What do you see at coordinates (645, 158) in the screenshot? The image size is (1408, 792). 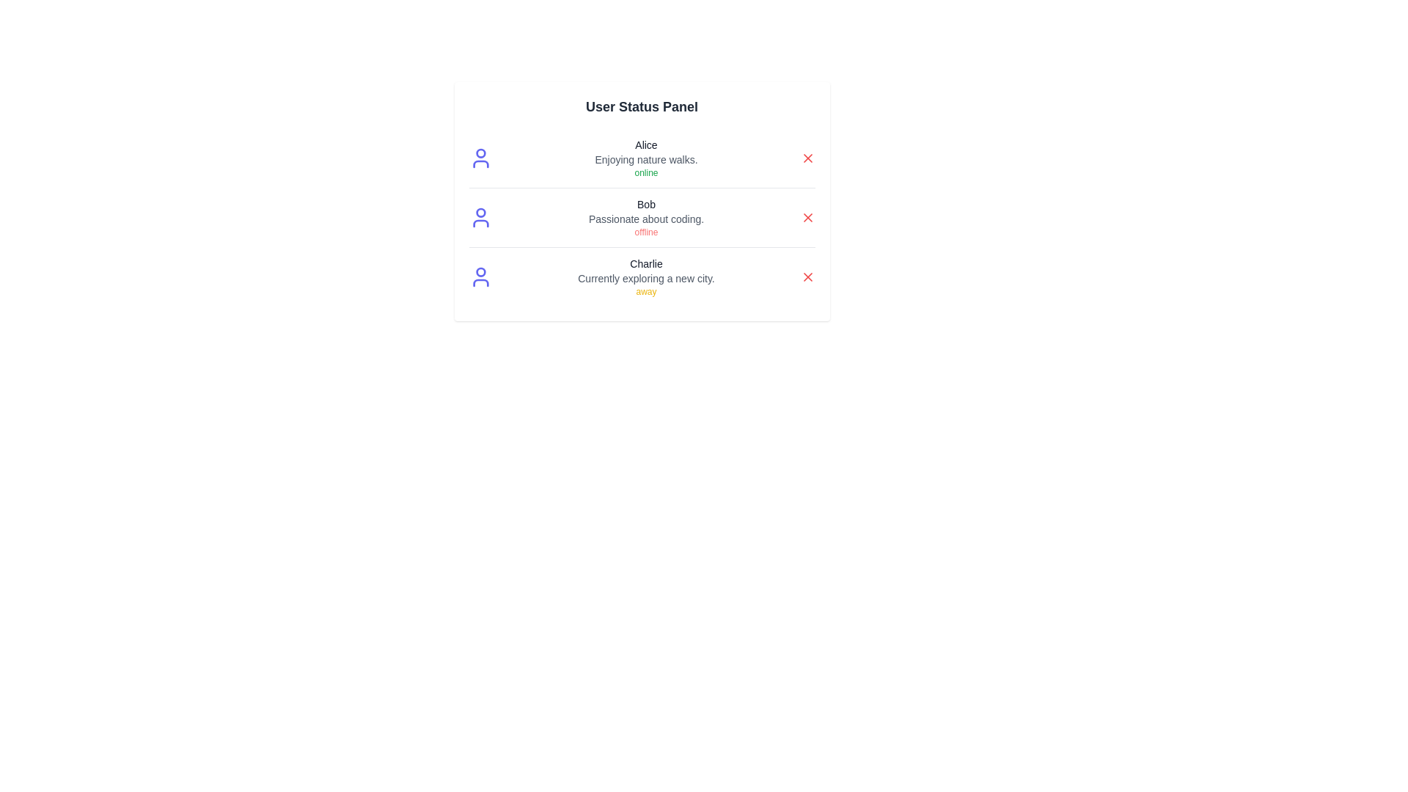 I see `the label displaying the user's name 'Alice', status message 'Enjoying nature walks.', and online status 'online'` at bounding box center [645, 158].